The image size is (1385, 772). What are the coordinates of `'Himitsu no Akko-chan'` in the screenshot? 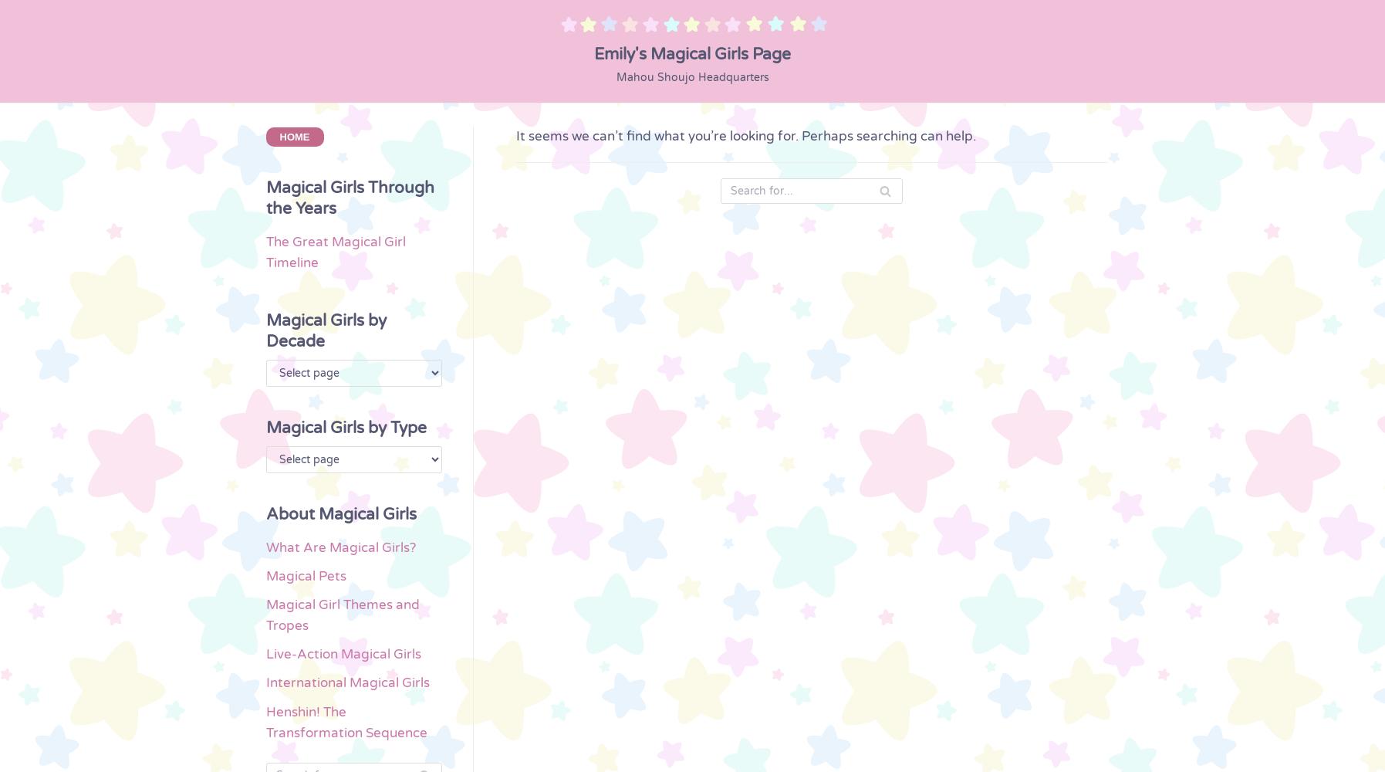 It's located at (23, 86).